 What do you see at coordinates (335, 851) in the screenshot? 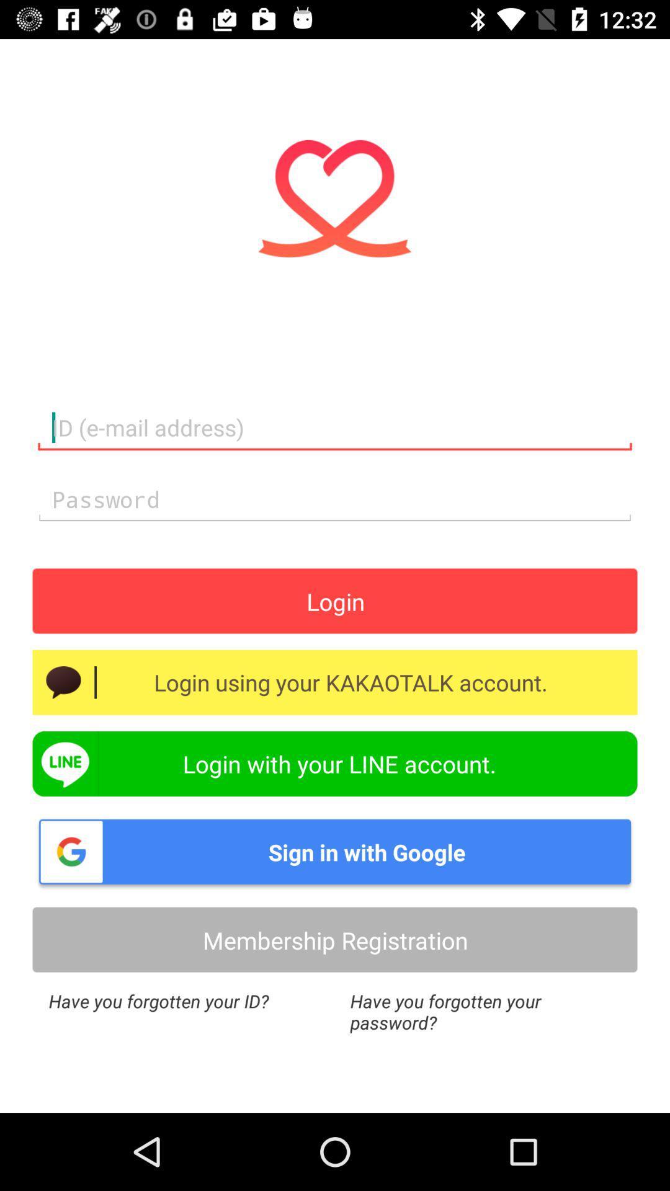
I see `the sign in with item` at bounding box center [335, 851].